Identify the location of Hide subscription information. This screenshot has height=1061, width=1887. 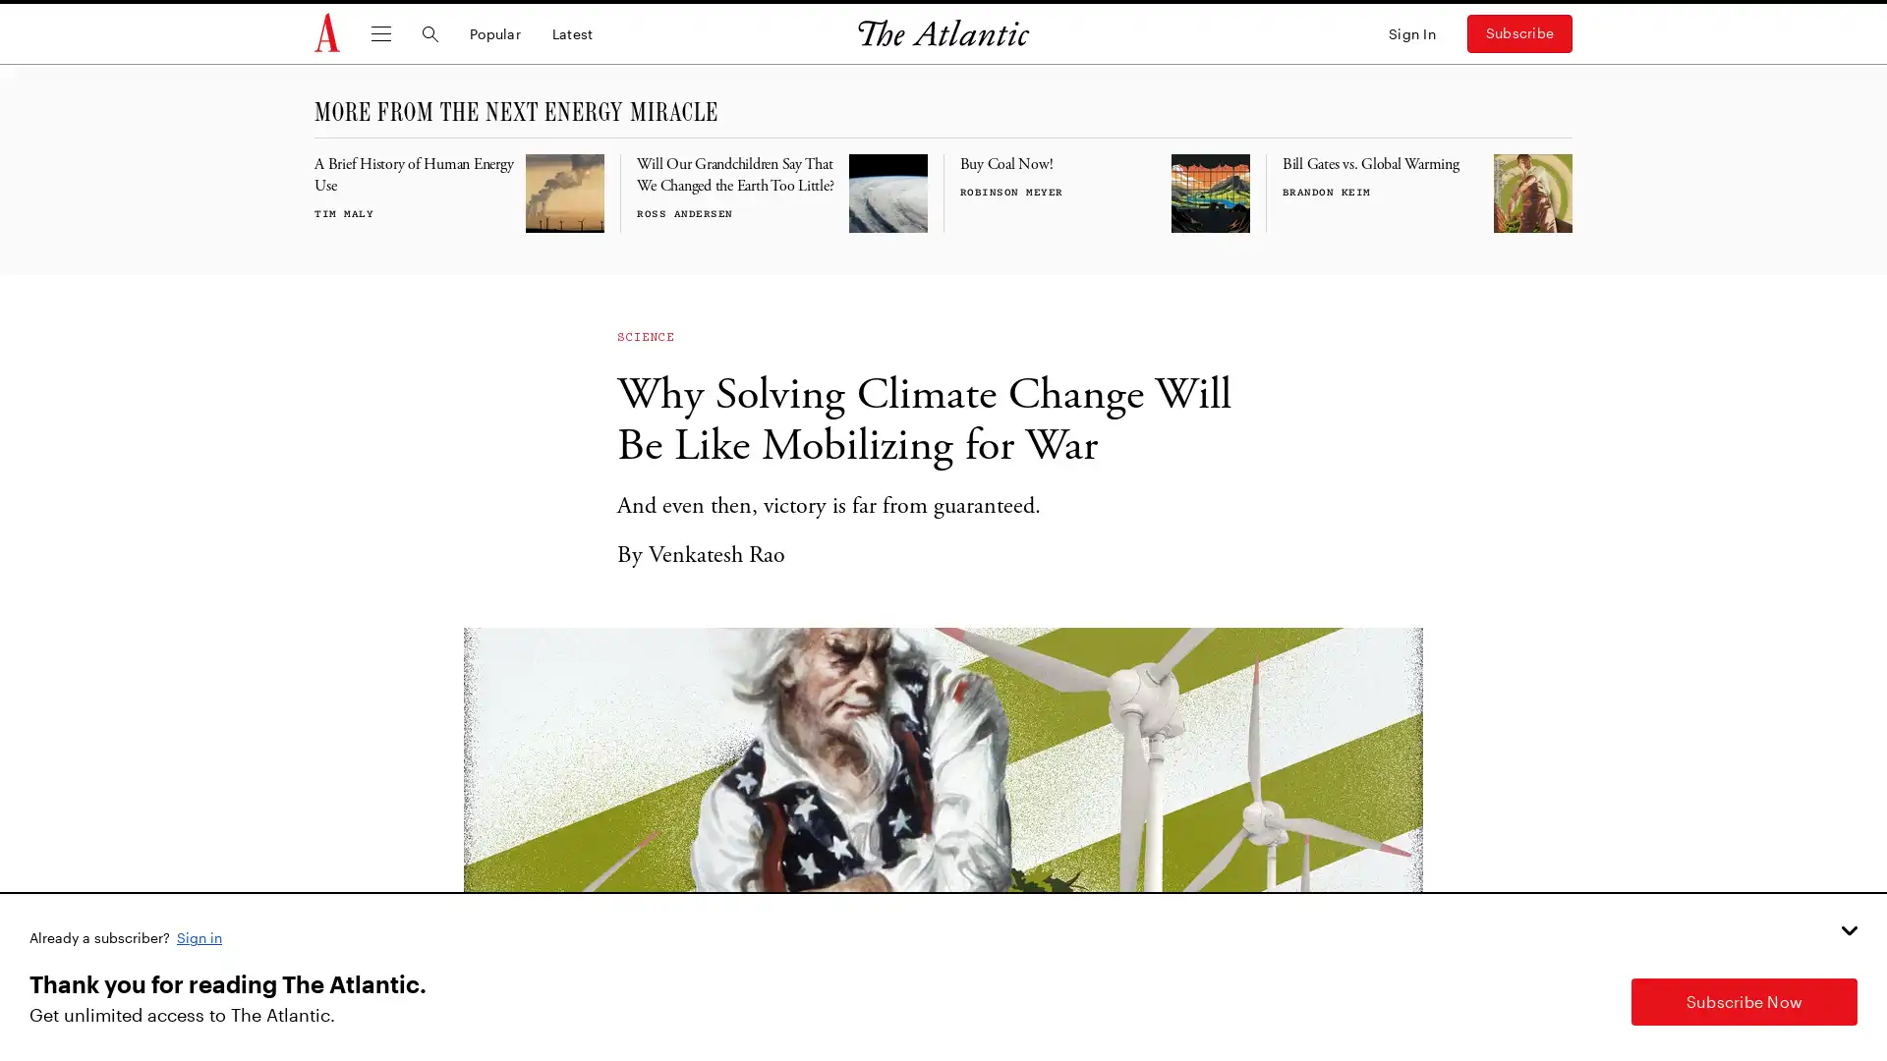
(1848, 929).